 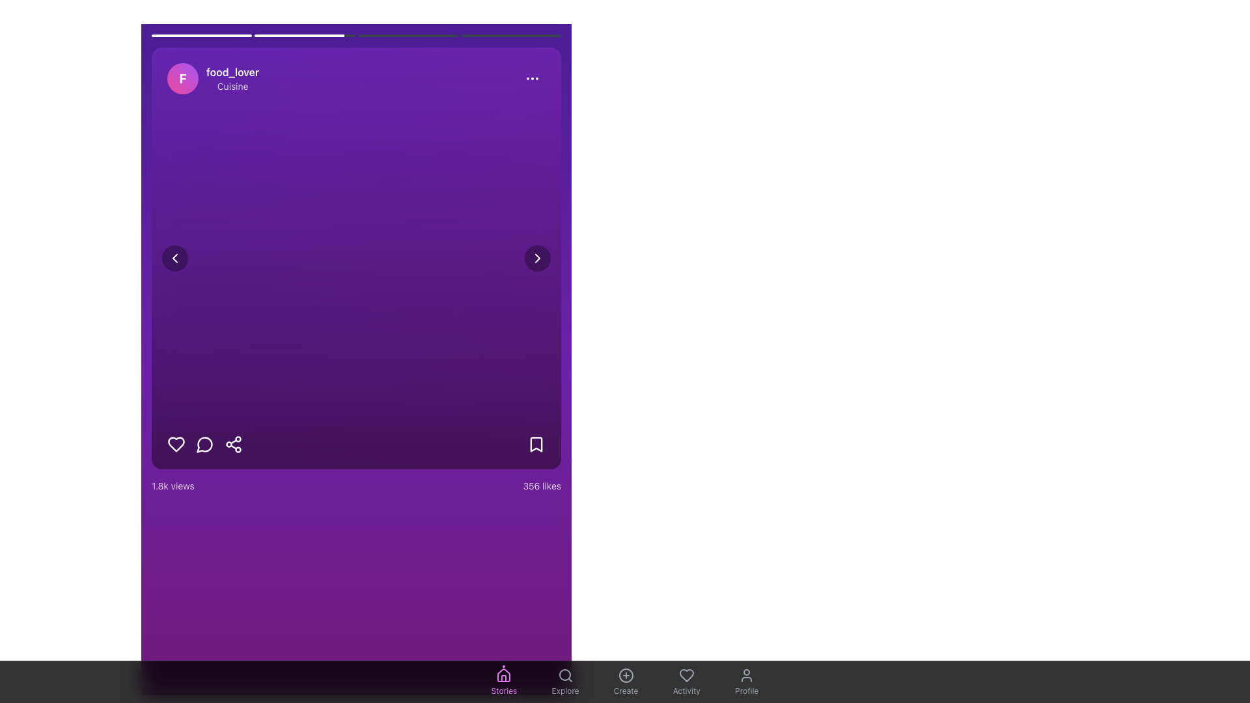 I want to click on the 'Activity' button, which features a heart-shaped icon and is located in the bottom navigation bar, fourth from the left, so click(x=686, y=682).